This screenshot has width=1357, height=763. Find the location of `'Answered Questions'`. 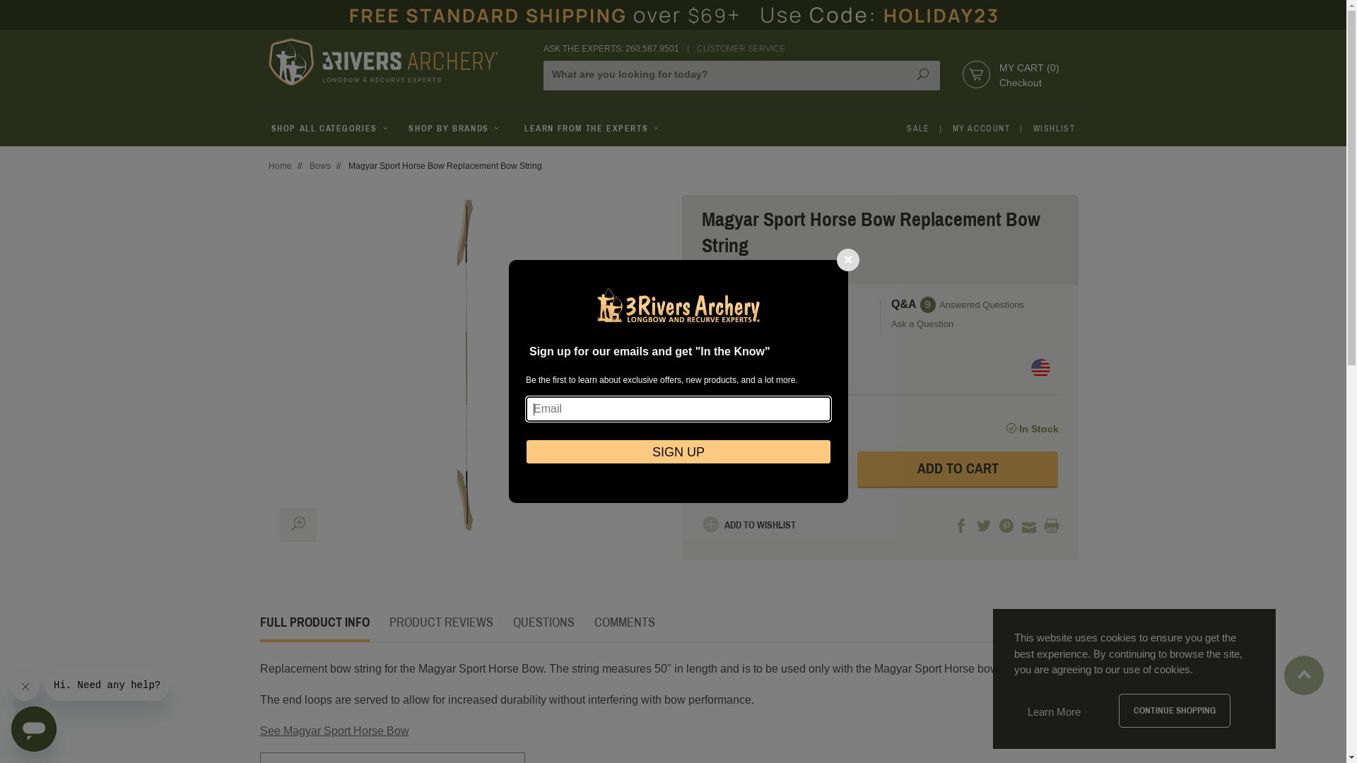

'Answered Questions' is located at coordinates (980, 304).